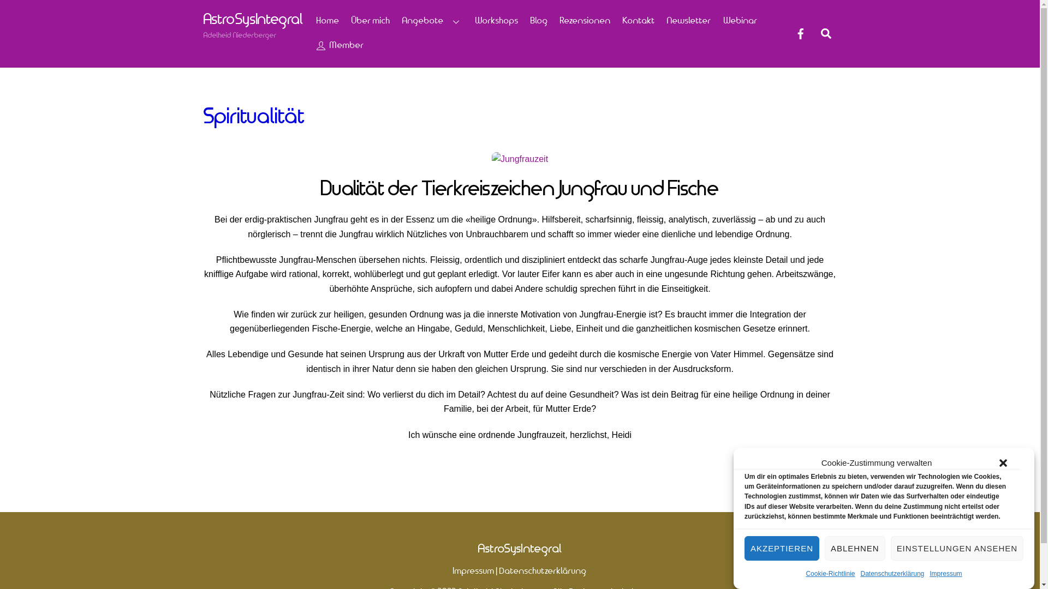 Image resolution: width=1048 pixels, height=589 pixels. I want to click on 'Kontakt', so click(639, 21).